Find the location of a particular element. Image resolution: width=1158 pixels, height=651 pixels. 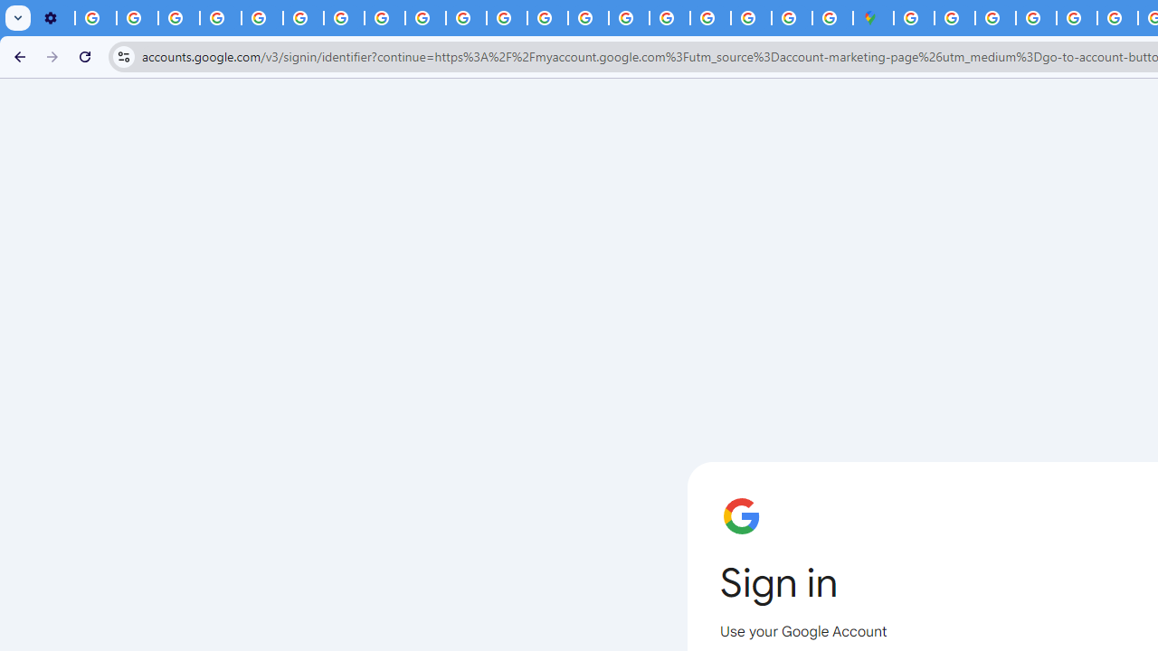

'Sign in - Google Accounts' is located at coordinates (914, 18).